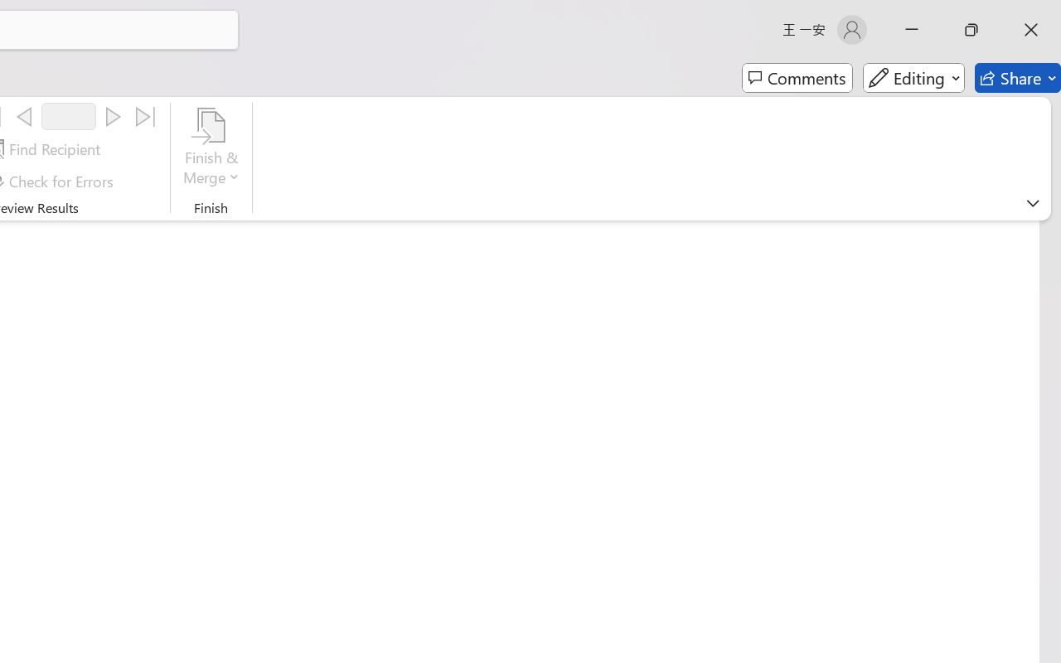 The height and width of the screenshot is (663, 1061). What do you see at coordinates (1032, 202) in the screenshot?
I see `'Ribbon Display Options'` at bounding box center [1032, 202].